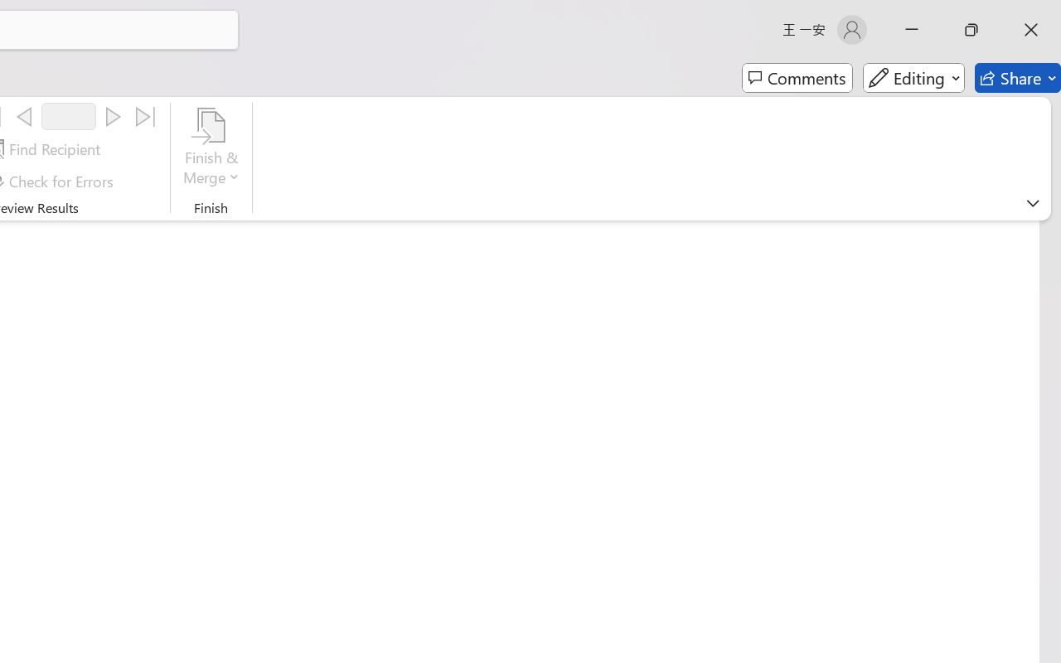 The height and width of the screenshot is (663, 1061). What do you see at coordinates (1032, 202) in the screenshot?
I see `'Ribbon Display Options'` at bounding box center [1032, 202].